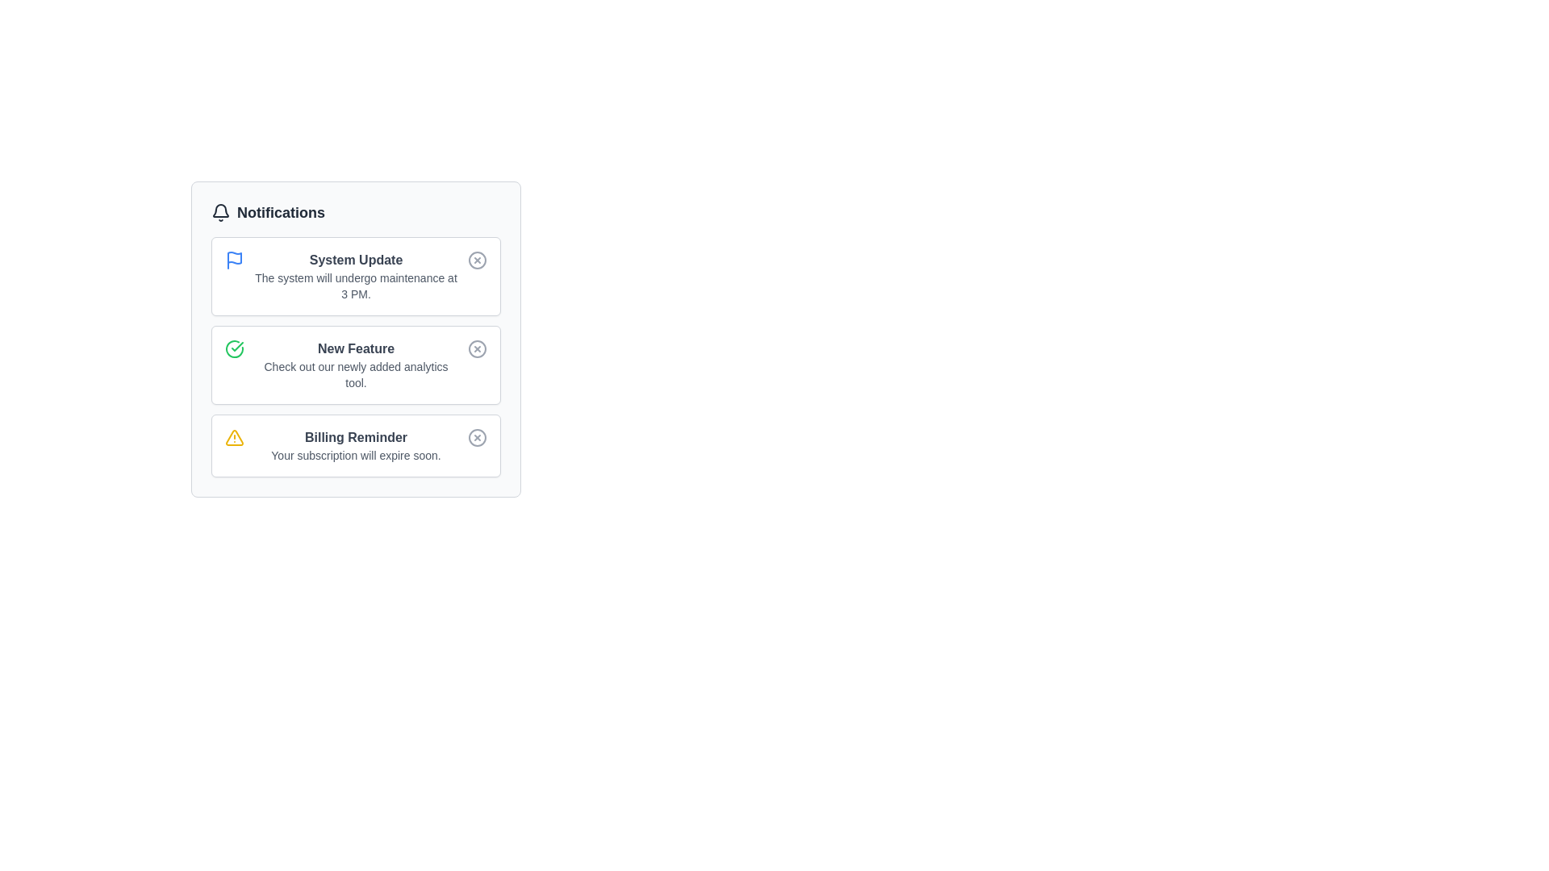 The height and width of the screenshot is (871, 1549). I want to click on the text label displaying 'System Update' which is styled in a slightly bold dark gray font and located at the top of the notification card, so click(355, 260).